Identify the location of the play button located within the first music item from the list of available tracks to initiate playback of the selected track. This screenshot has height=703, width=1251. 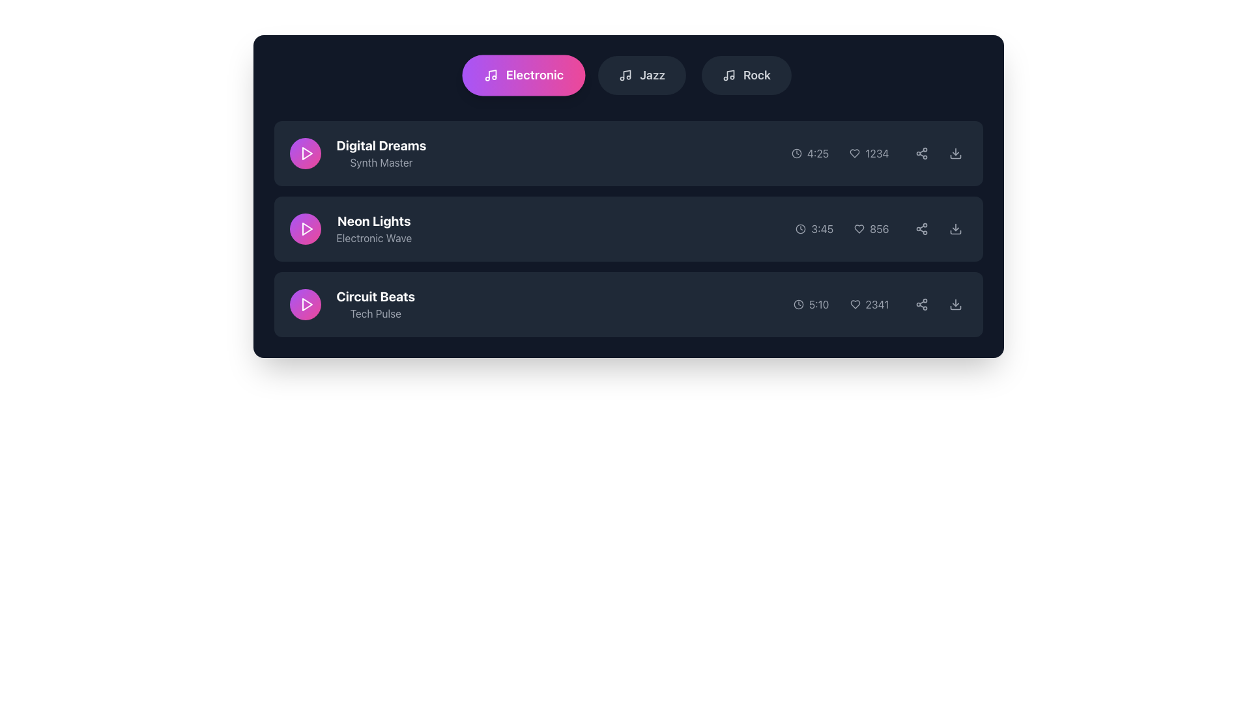
(306, 152).